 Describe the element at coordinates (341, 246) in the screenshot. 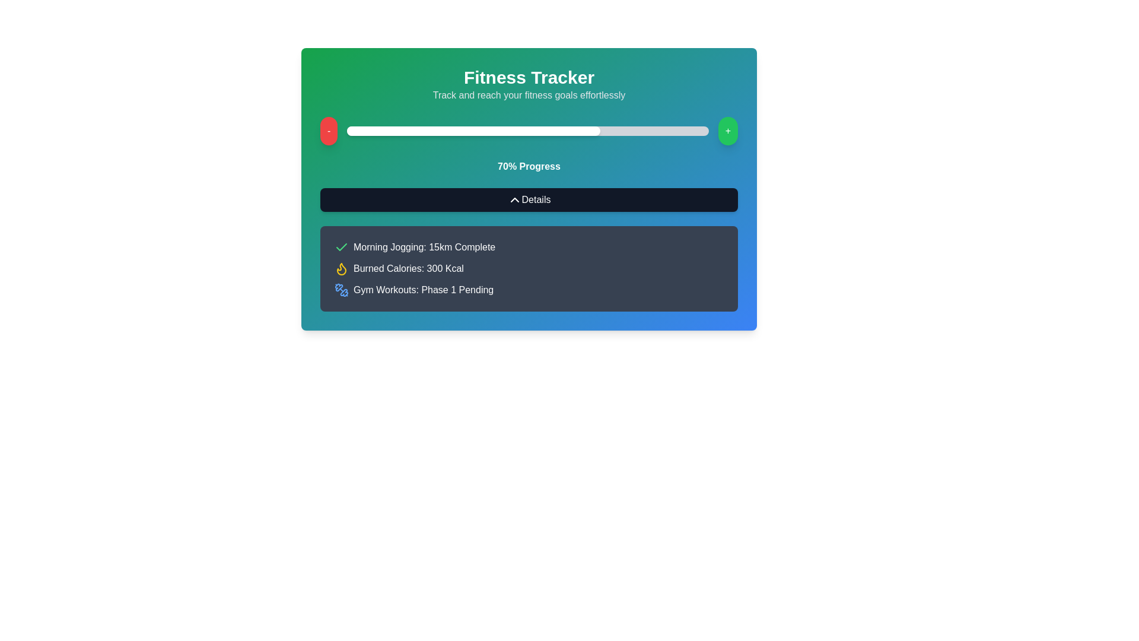

I see `the completion status icon for the task 'Morning Jogging: 15km Complete' located in the 'Details' section` at that location.